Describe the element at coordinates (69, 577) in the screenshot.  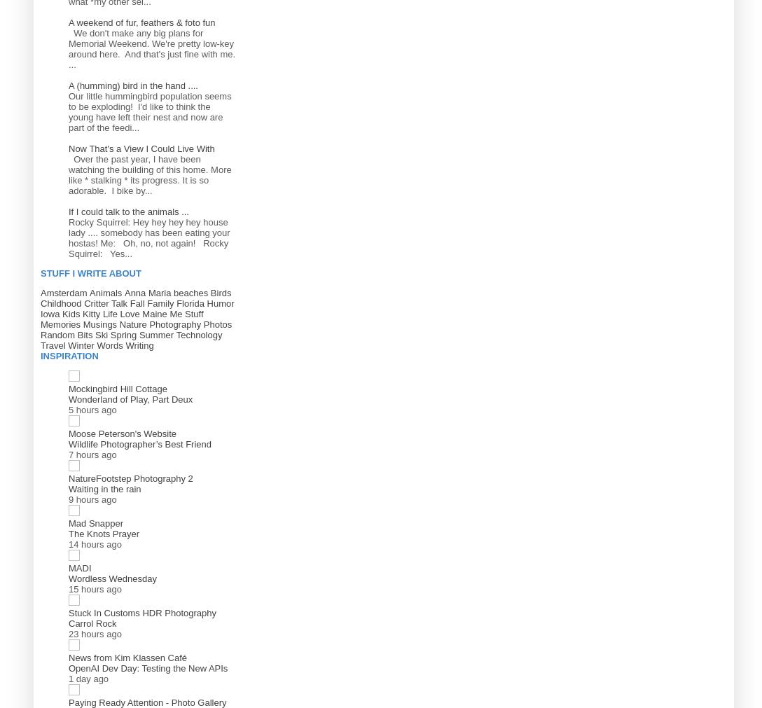
I see `'Wordless Wednesday'` at that location.